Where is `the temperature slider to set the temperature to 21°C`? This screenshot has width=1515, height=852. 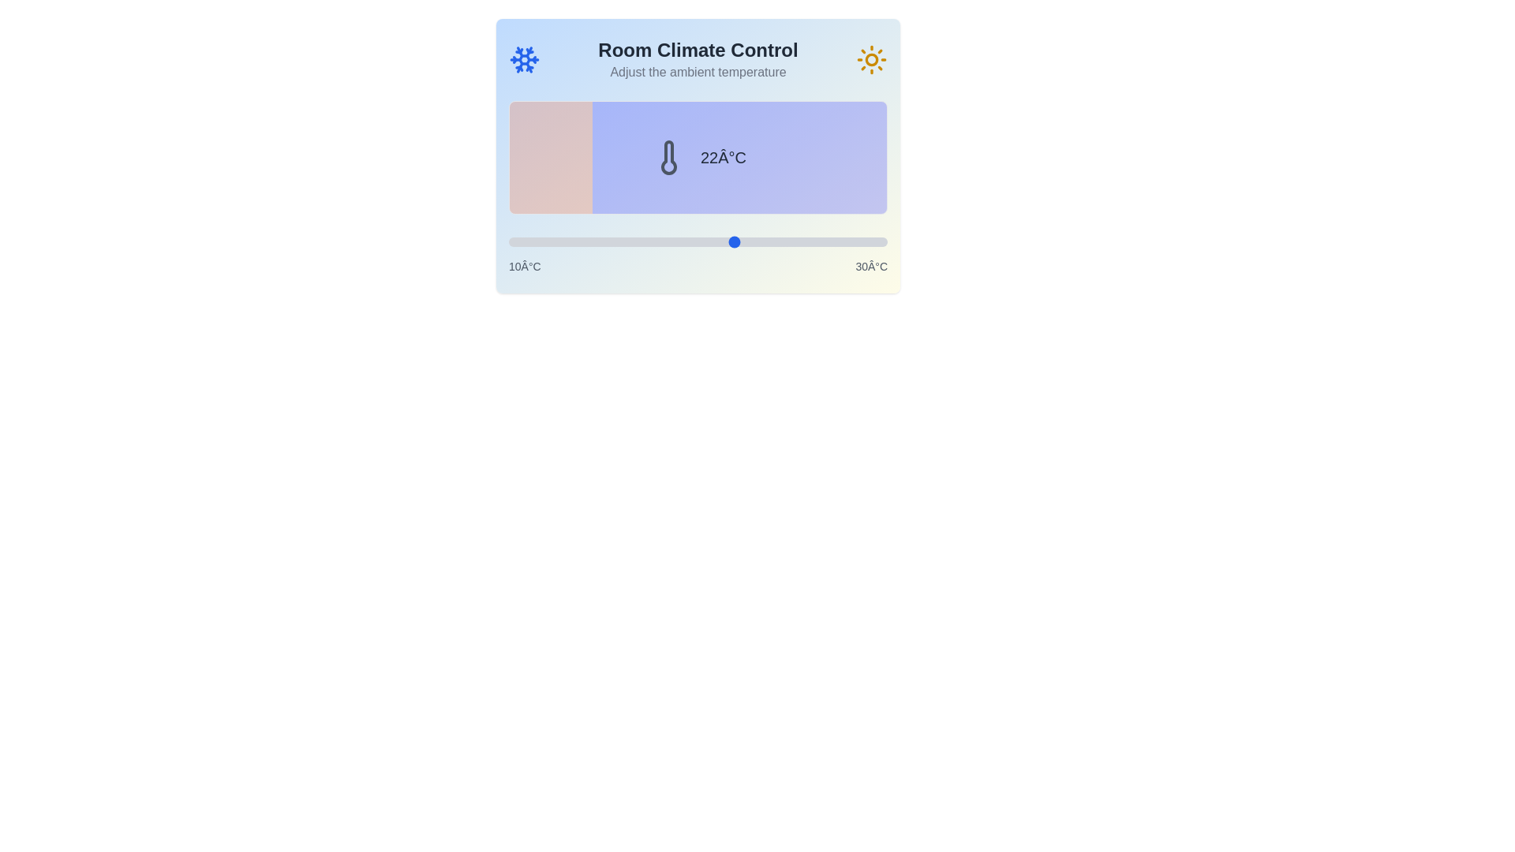
the temperature slider to set the temperature to 21°C is located at coordinates (716, 242).